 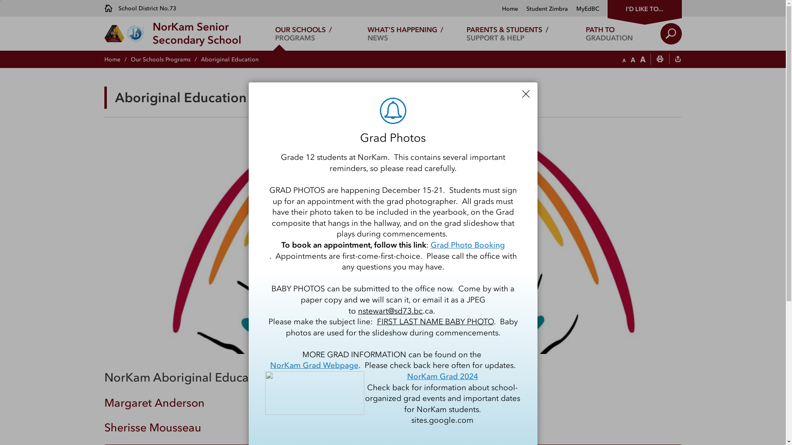 What do you see at coordinates (509, 9) in the screenshot?
I see `'Home'` at bounding box center [509, 9].